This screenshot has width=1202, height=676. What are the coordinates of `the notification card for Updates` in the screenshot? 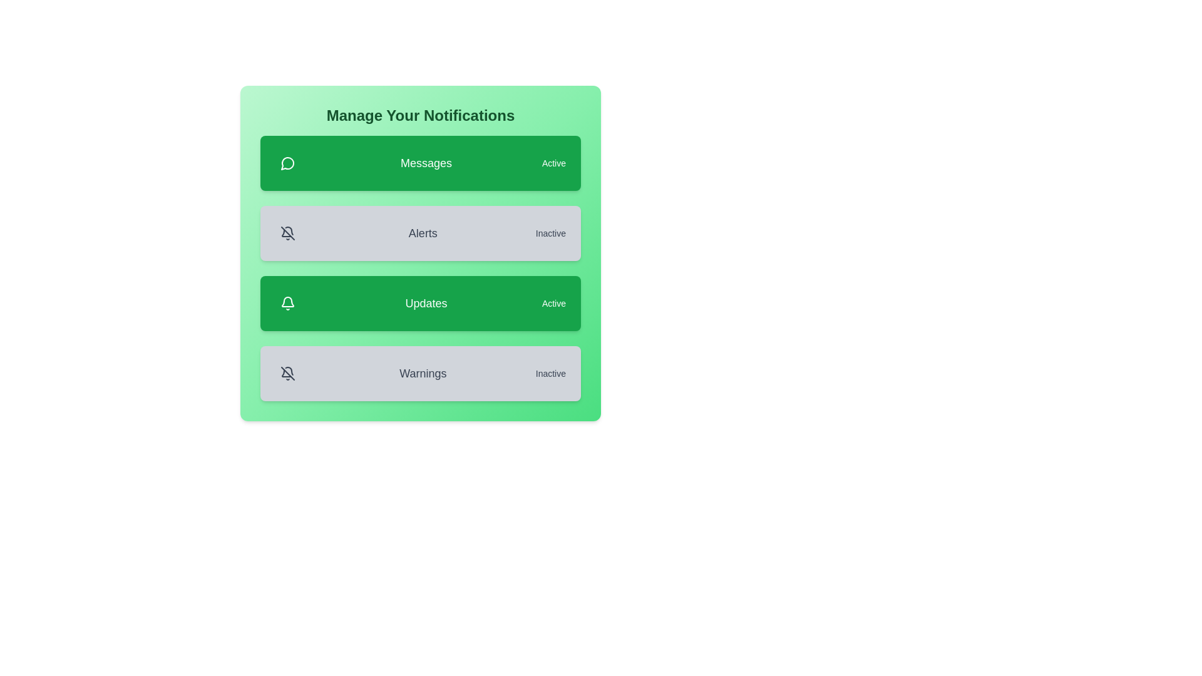 It's located at (421, 304).